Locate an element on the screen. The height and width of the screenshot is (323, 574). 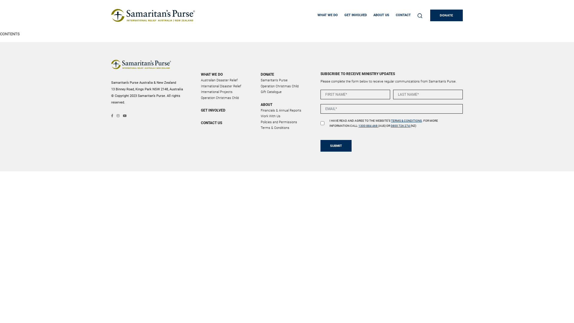
'GET INVOLVED' is located at coordinates (355, 15).